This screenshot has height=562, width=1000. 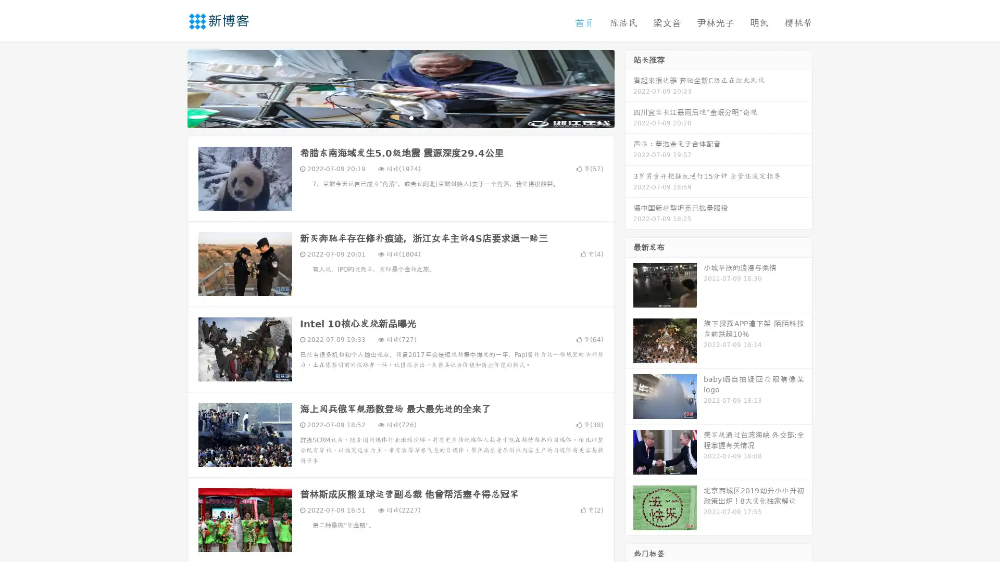 I want to click on Go to slide 1, so click(x=390, y=117).